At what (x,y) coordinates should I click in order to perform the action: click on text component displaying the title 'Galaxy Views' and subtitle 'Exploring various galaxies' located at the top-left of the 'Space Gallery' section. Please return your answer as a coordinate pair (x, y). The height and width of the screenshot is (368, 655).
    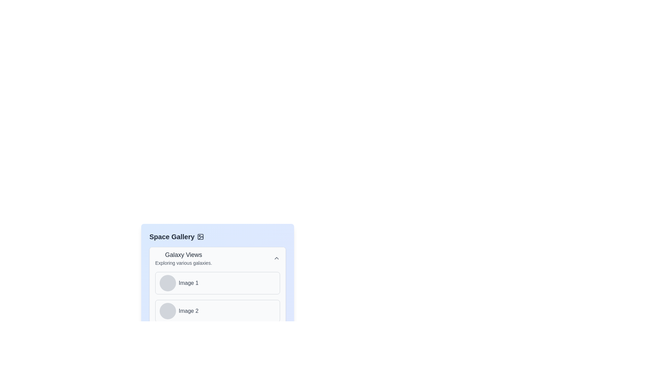
    Looking at the image, I should click on (184, 258).